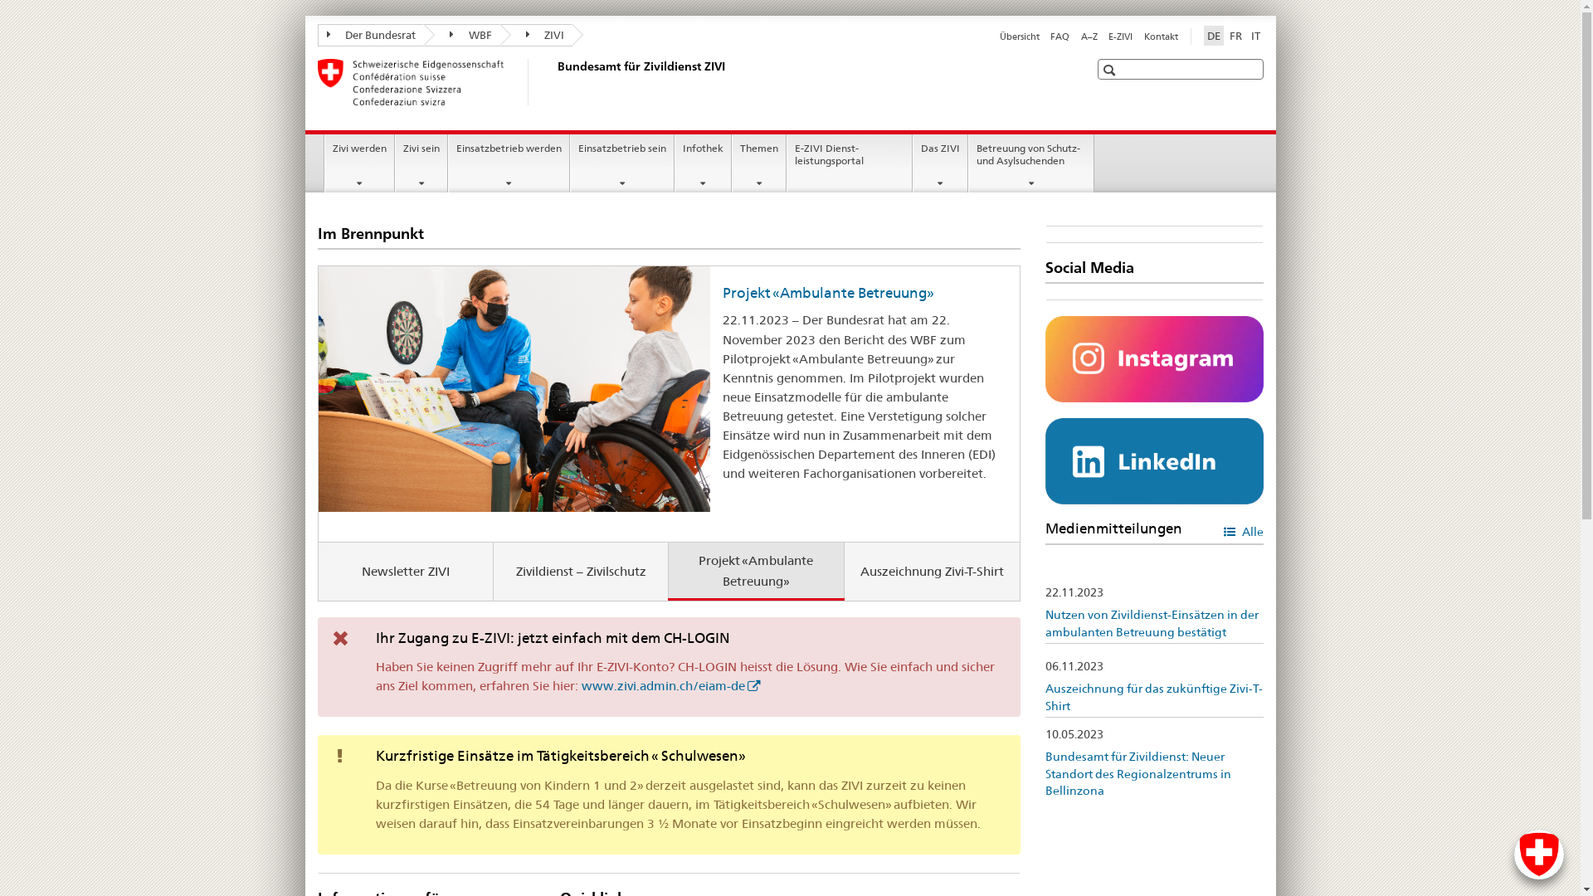  Describe the element at coordinates (1059, 36) in the screenshot. I see `'FAQ'` at that location.